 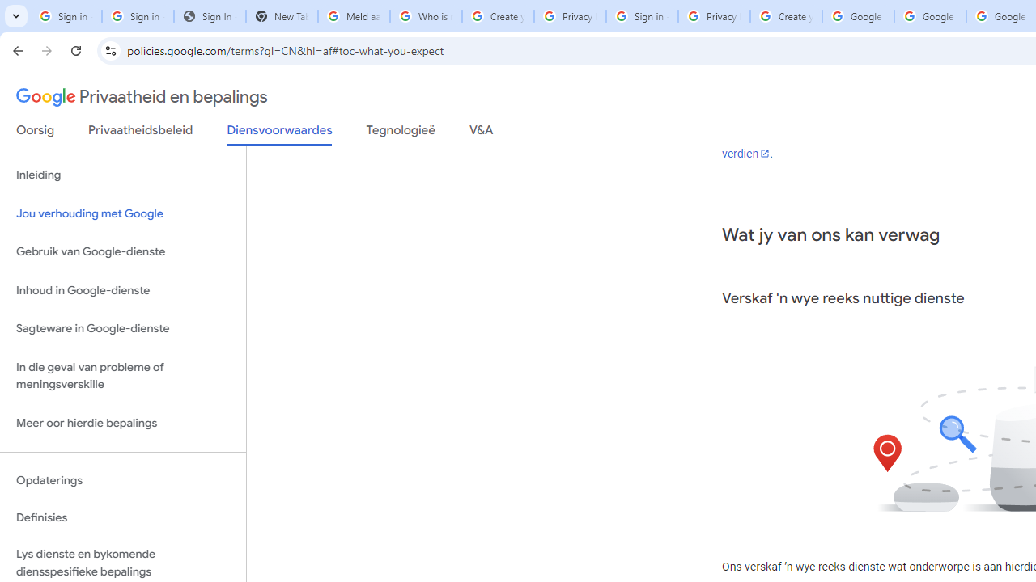 What do you see at coordinates (641, 16) in the screenshot?
I see `'Sign in - Google Accounts'` at bounding box center [641, 16].